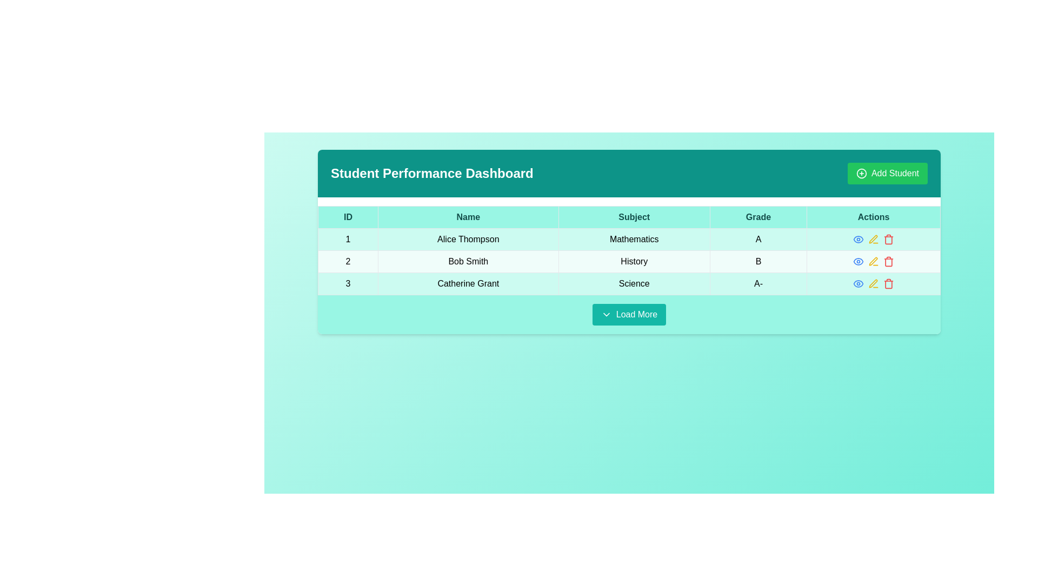  What do you see at coordinates (874, 239) in the screenshot?
I see `the 'Edit' button, which is the third interactive icon in the 'Actions' column of the row for 'Bob Smith', positioned centrally in its cell between the 'View' and 'Delete' icons` at bounding box center [874, 239].